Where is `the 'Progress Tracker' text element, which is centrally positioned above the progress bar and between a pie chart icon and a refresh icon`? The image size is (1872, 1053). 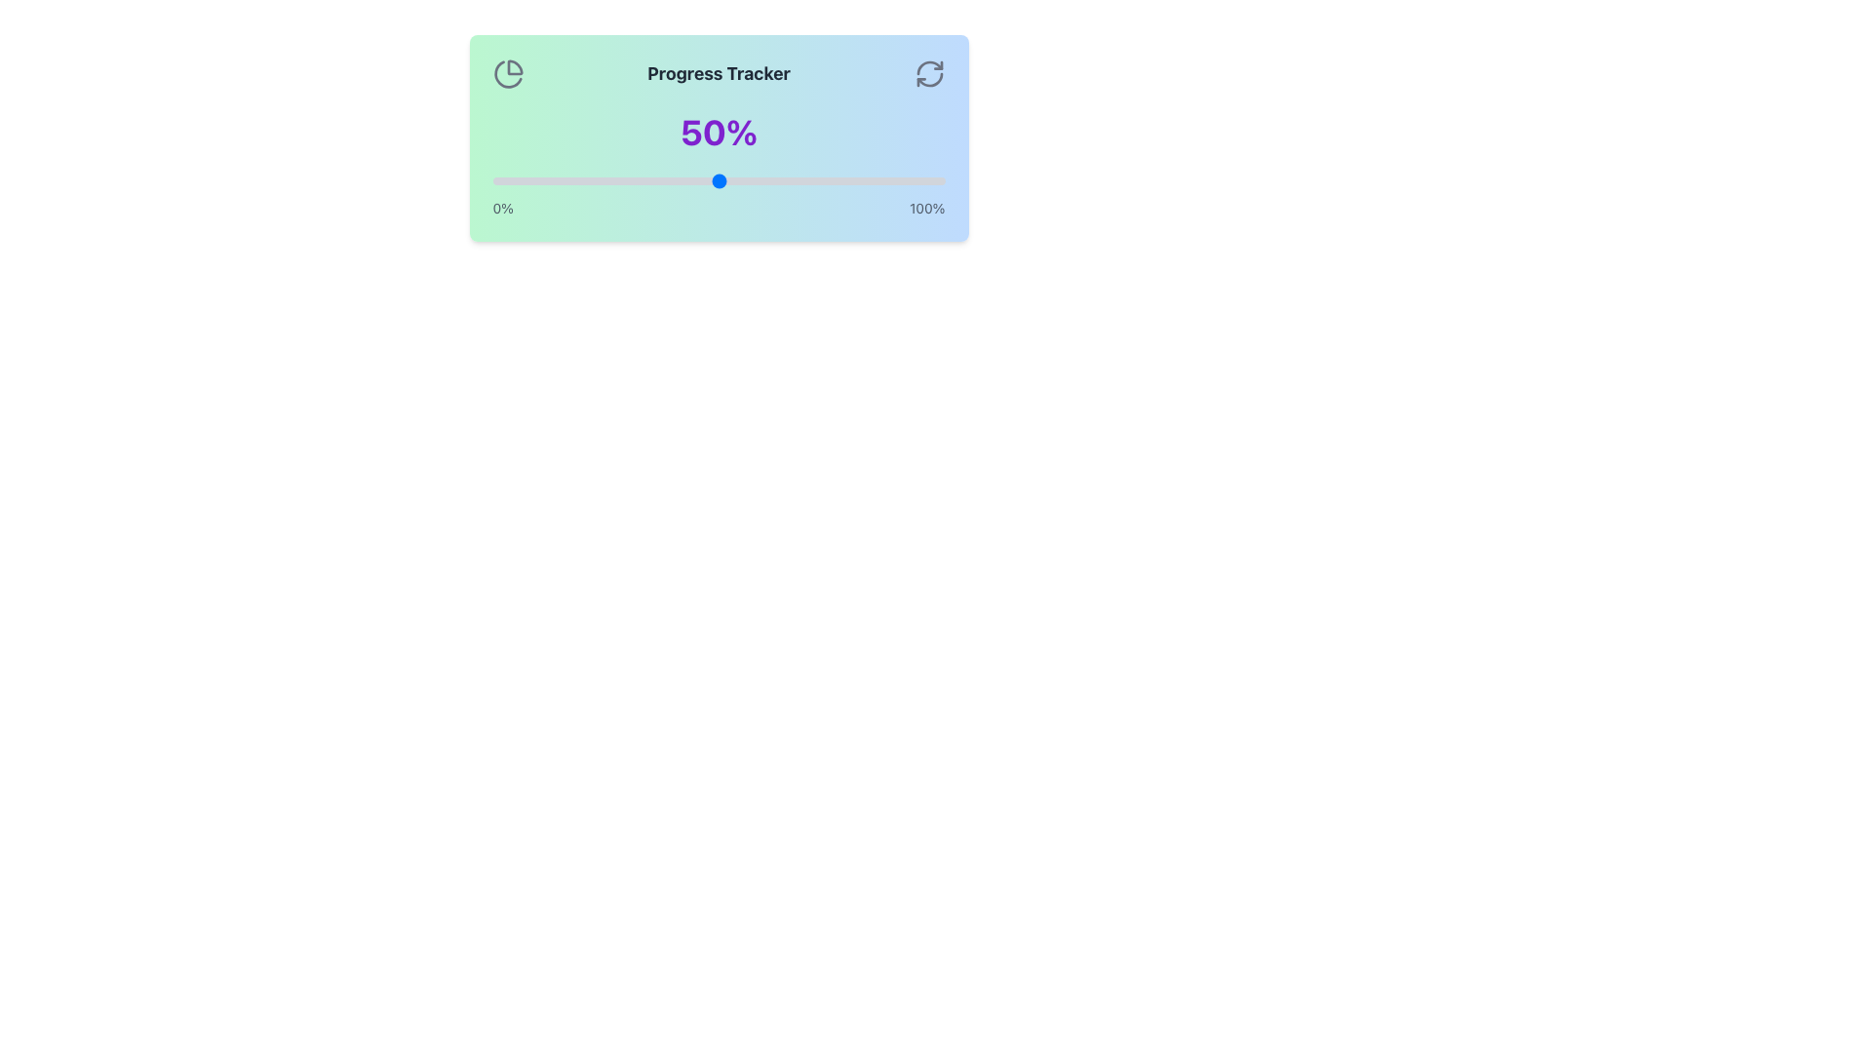 the 'Progress Tracker' text element, which is centrally positioned above the progress bar and between a pie chart icon and a refresh icon is located at coordinates (718, 73).